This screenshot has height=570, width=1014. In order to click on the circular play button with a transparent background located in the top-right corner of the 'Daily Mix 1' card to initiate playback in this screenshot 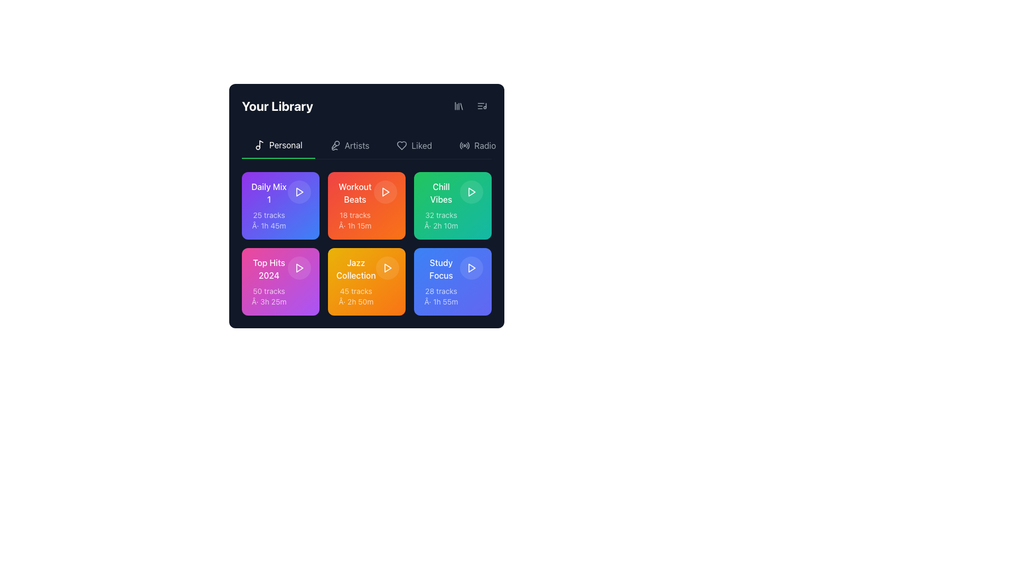, I will do `click(298, 192)`.